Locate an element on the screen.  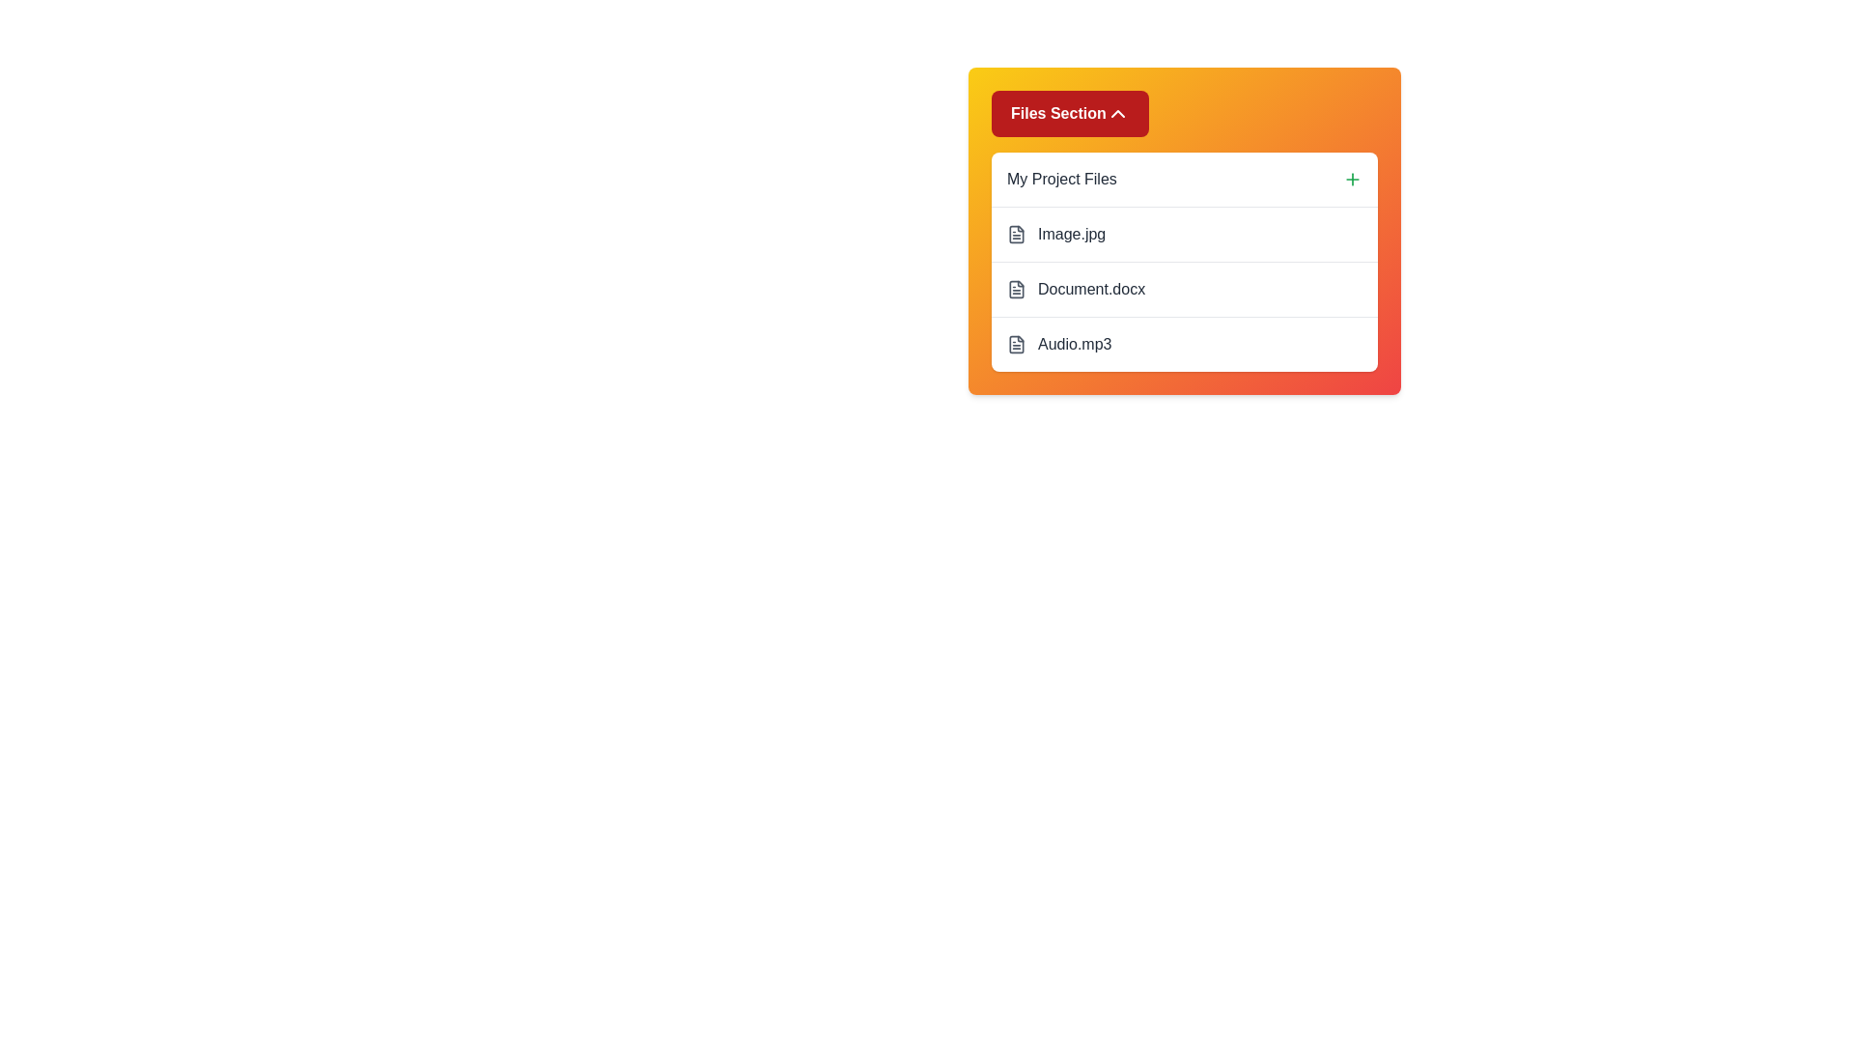
the file named Image.jpg to select it is located at coordinates (1184, 233).